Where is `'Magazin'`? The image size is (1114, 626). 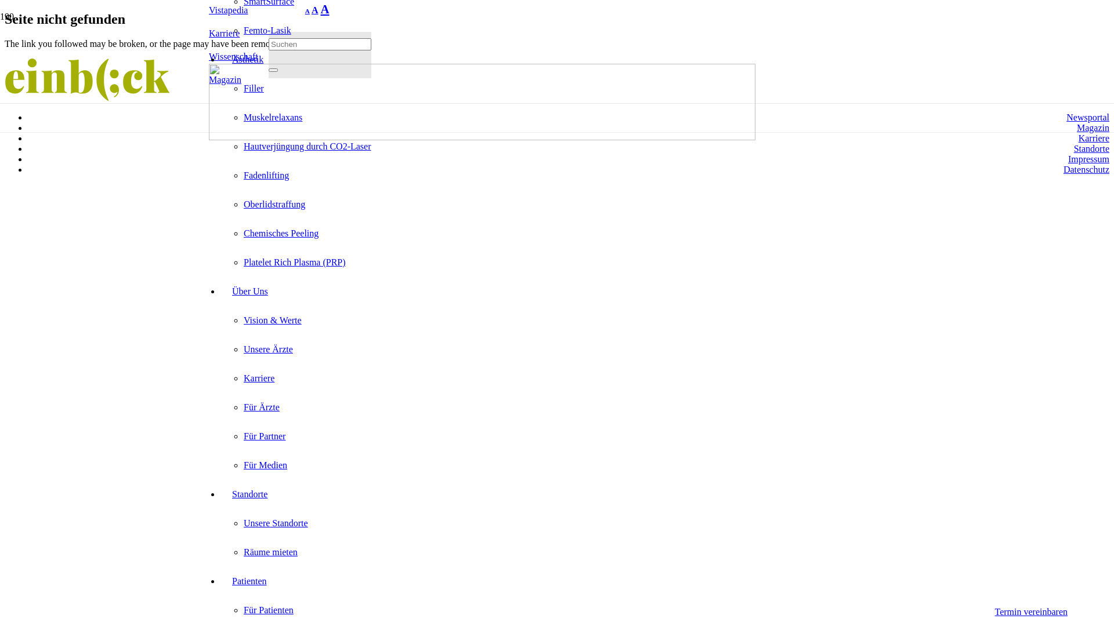 'Magazin' is located at coordinates (1092, 128).